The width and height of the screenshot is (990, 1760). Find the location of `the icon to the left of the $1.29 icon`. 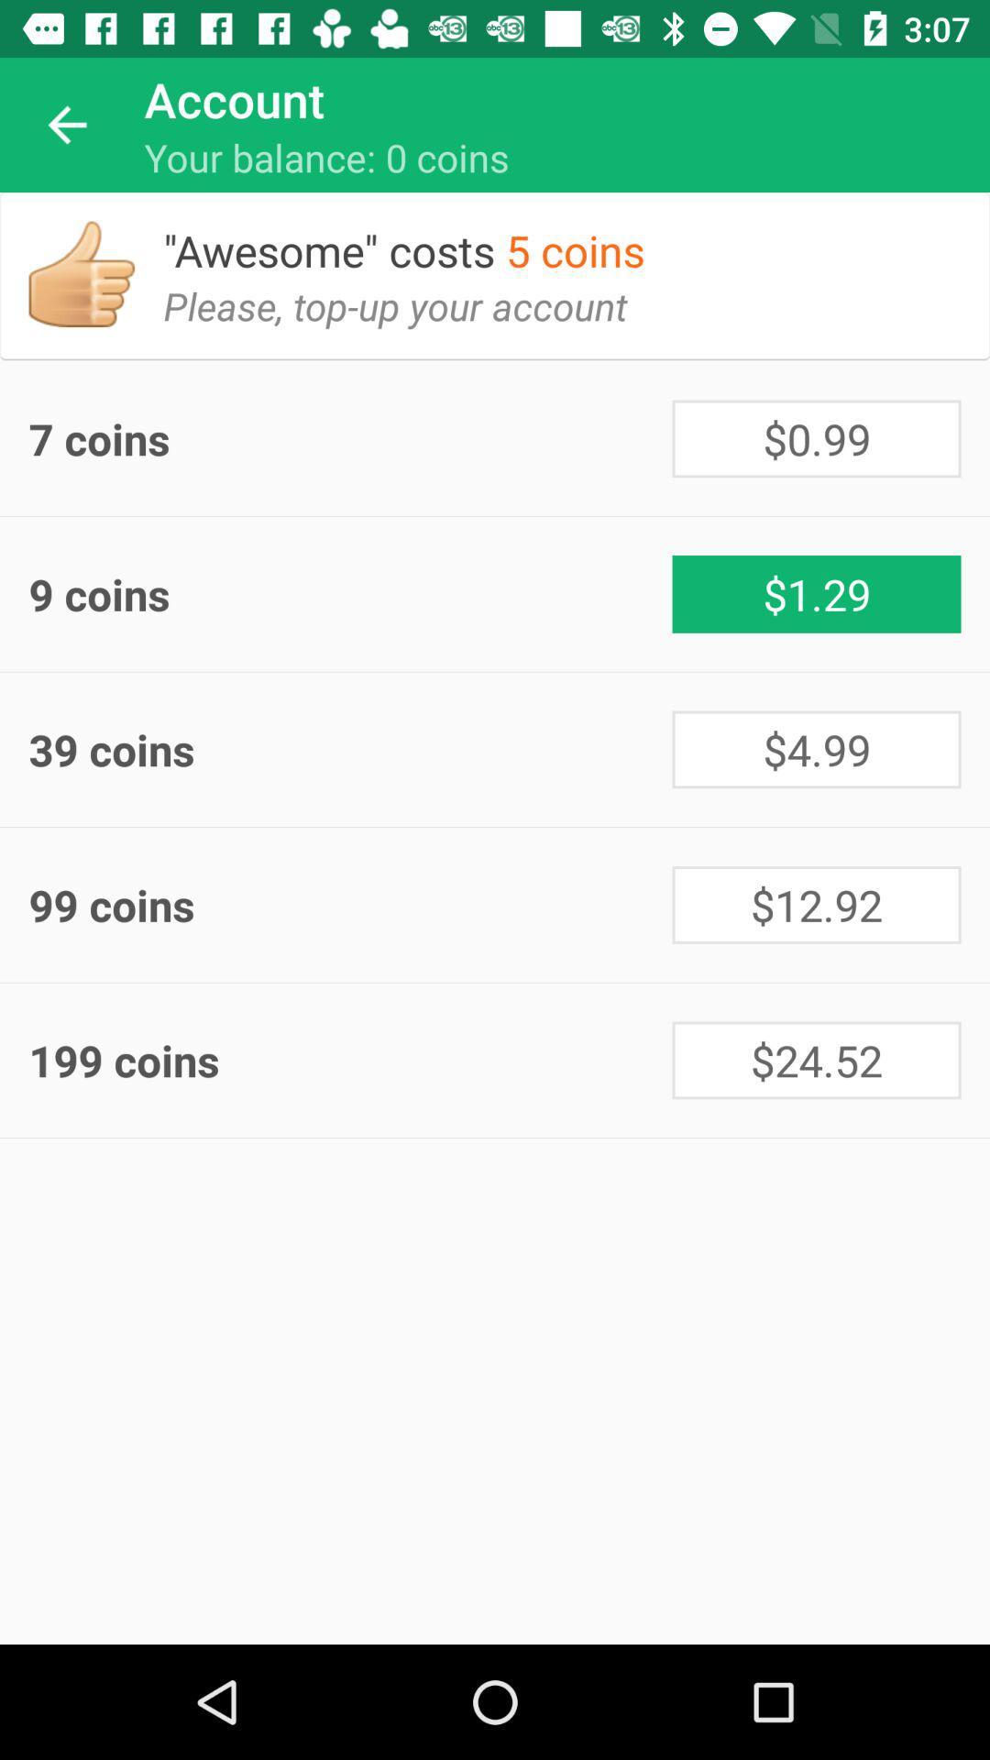

the icon to the left of the $1.29 icon is located at coordinates (350, 594).